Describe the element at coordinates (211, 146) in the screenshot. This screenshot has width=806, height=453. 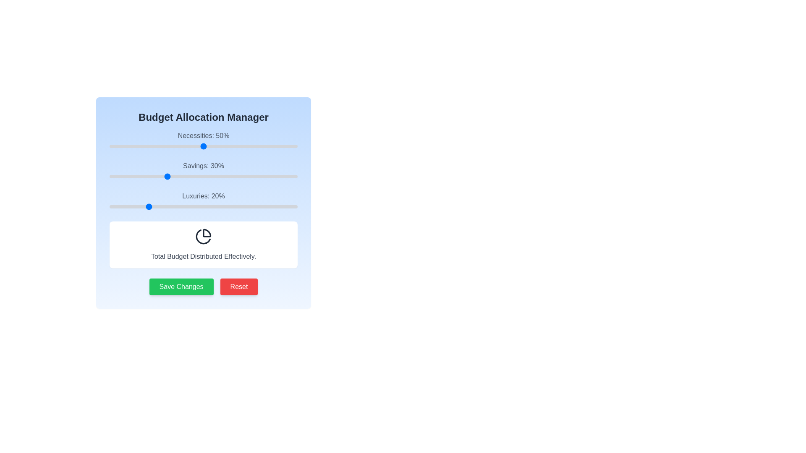
I see `the 'Necessities' slider` at that location.